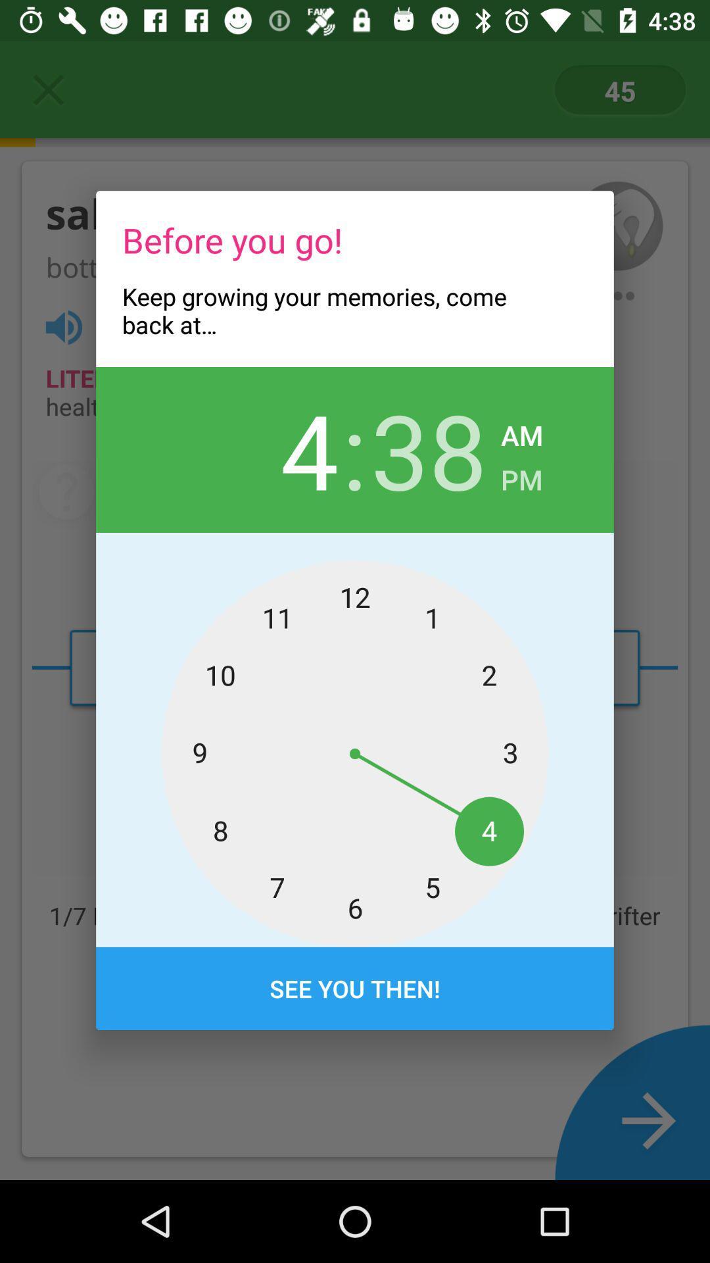 This screenshot has width=710, height=1263. I want to click on item next to : item, so click(429, 449).